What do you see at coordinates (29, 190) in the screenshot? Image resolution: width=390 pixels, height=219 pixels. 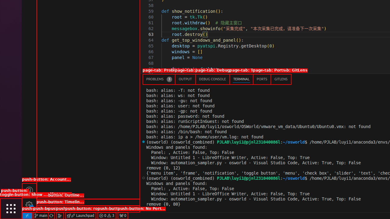 I see `'Accounts'` at bounding box center [29, 190].